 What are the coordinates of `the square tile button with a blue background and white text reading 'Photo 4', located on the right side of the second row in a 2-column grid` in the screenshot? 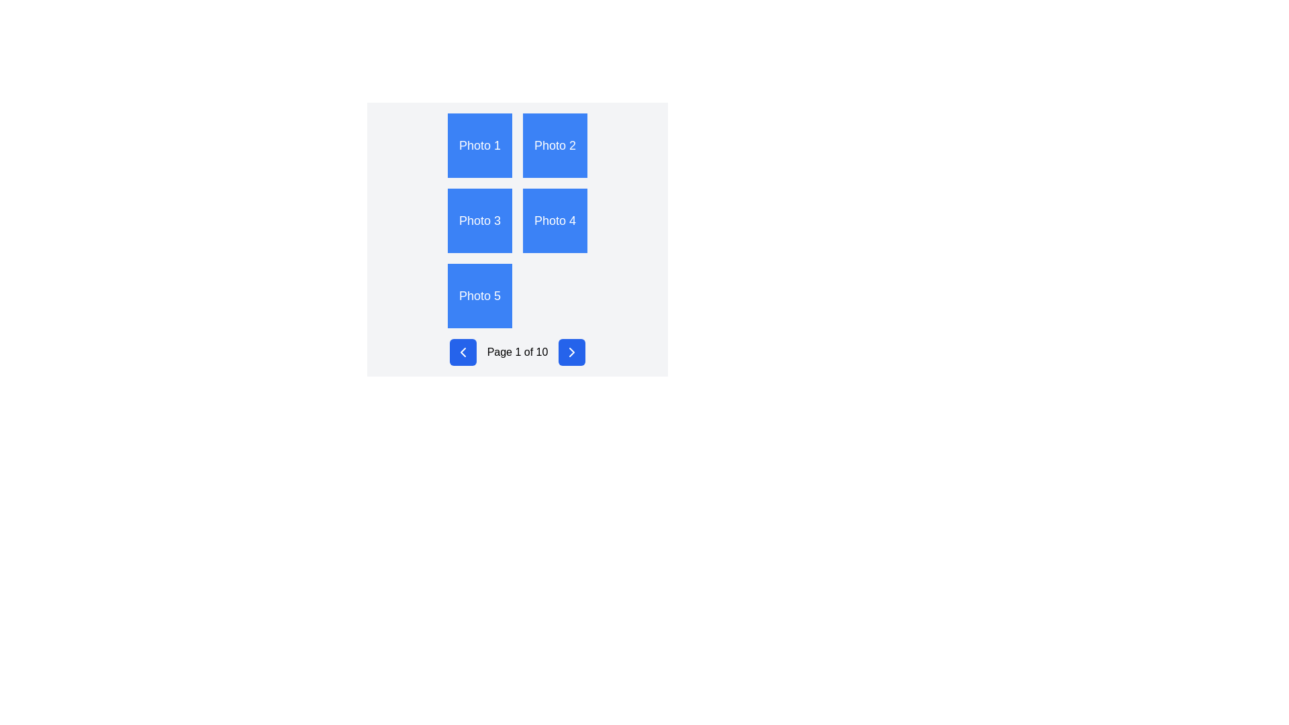 It's located at (555, 220).